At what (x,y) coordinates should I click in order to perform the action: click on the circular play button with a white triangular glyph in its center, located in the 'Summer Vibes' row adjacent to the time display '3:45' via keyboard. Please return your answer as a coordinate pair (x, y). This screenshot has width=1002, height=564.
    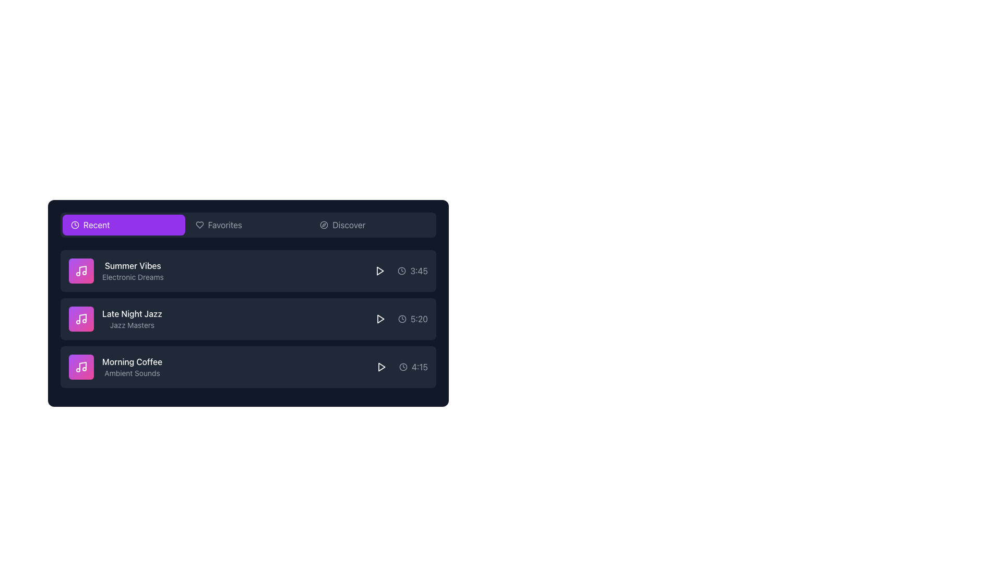
    Looking at the image, I should click on (379, 271).